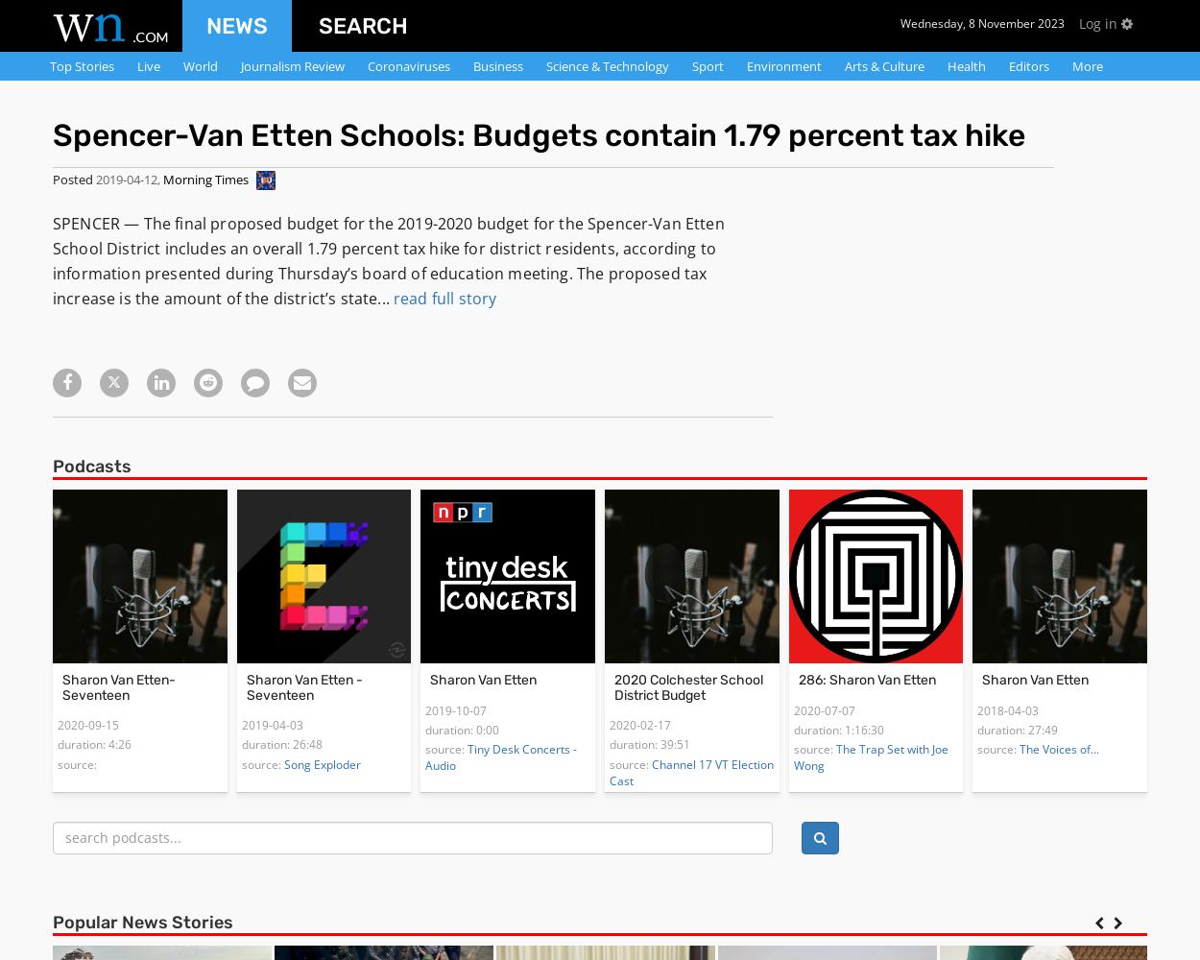 This screenshot has height=960, width=1200. Describe the element at coordinates (72, 179) in the screenshot. I see `'Posted'` at that location.